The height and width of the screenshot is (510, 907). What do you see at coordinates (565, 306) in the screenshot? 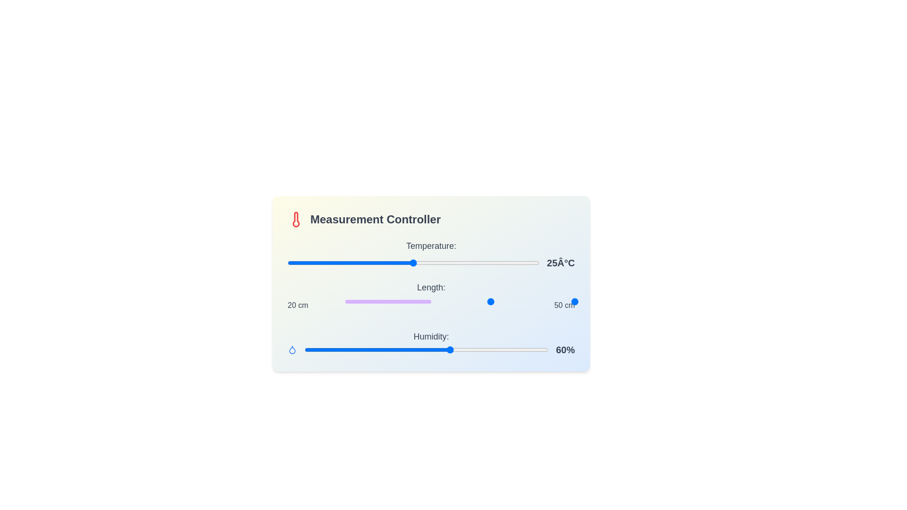
I see `the static text label displaying the current length measurement value, located to the right of '20 cm' under the 'Length' label` at bounding box center [565, 306].